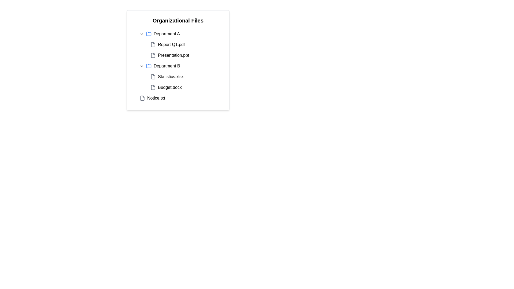 The image size is (514, 289). Describe the element at coordinates (169, 87) in the screenshot. I see `the text label displaying 'Budget.docx'` at that location.